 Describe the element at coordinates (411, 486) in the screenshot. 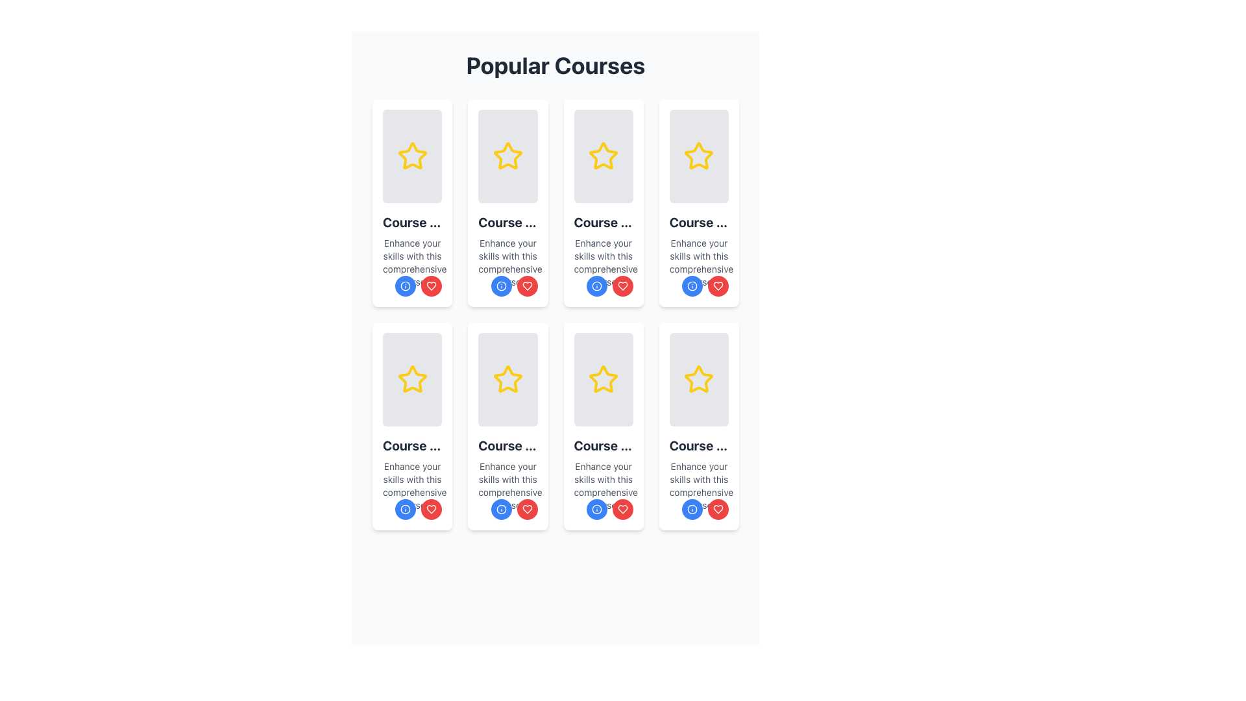

I see `text content of the text block displaying 'Enhance your skills with this comprehensive course.' located in the second row of the course grid, below the course title` at that location.